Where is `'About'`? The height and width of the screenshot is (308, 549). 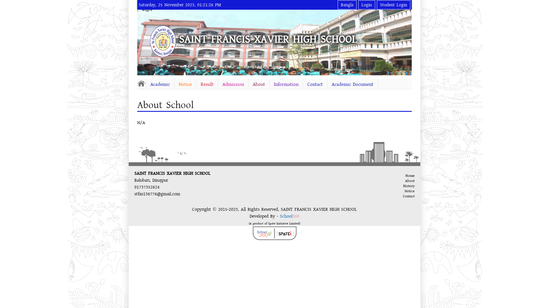
'About' is located at coordinates (258, 84).